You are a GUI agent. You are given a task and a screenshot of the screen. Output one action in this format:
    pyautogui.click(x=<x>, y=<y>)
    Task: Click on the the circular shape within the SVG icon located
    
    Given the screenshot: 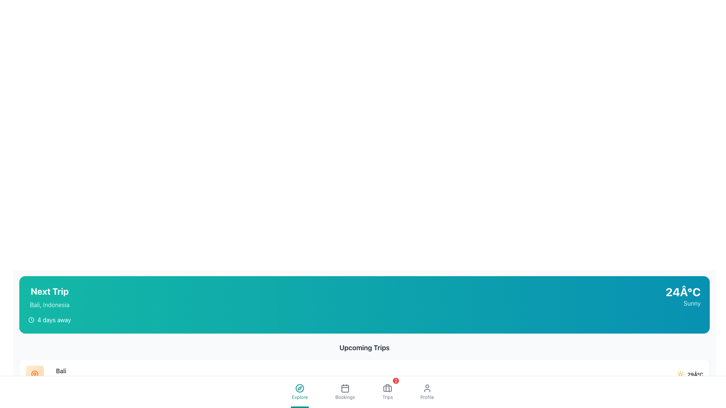 What is the action you would take?
    pyautogui.click(x=299, y=388)
    